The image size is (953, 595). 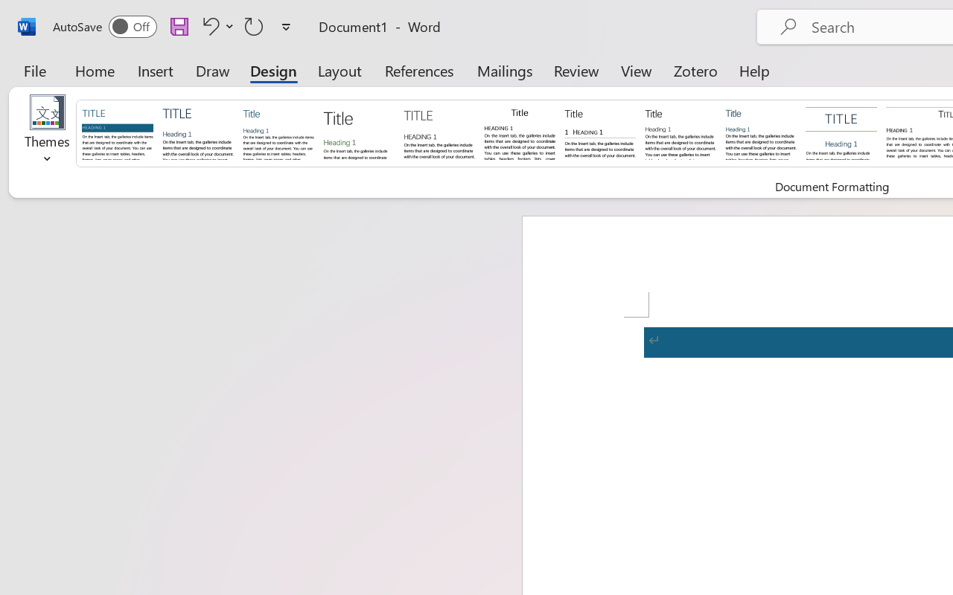 What do you see at coordinates (48, 133) in the screenshot?
I see `'Themes'` at bounding box center [48, 133].